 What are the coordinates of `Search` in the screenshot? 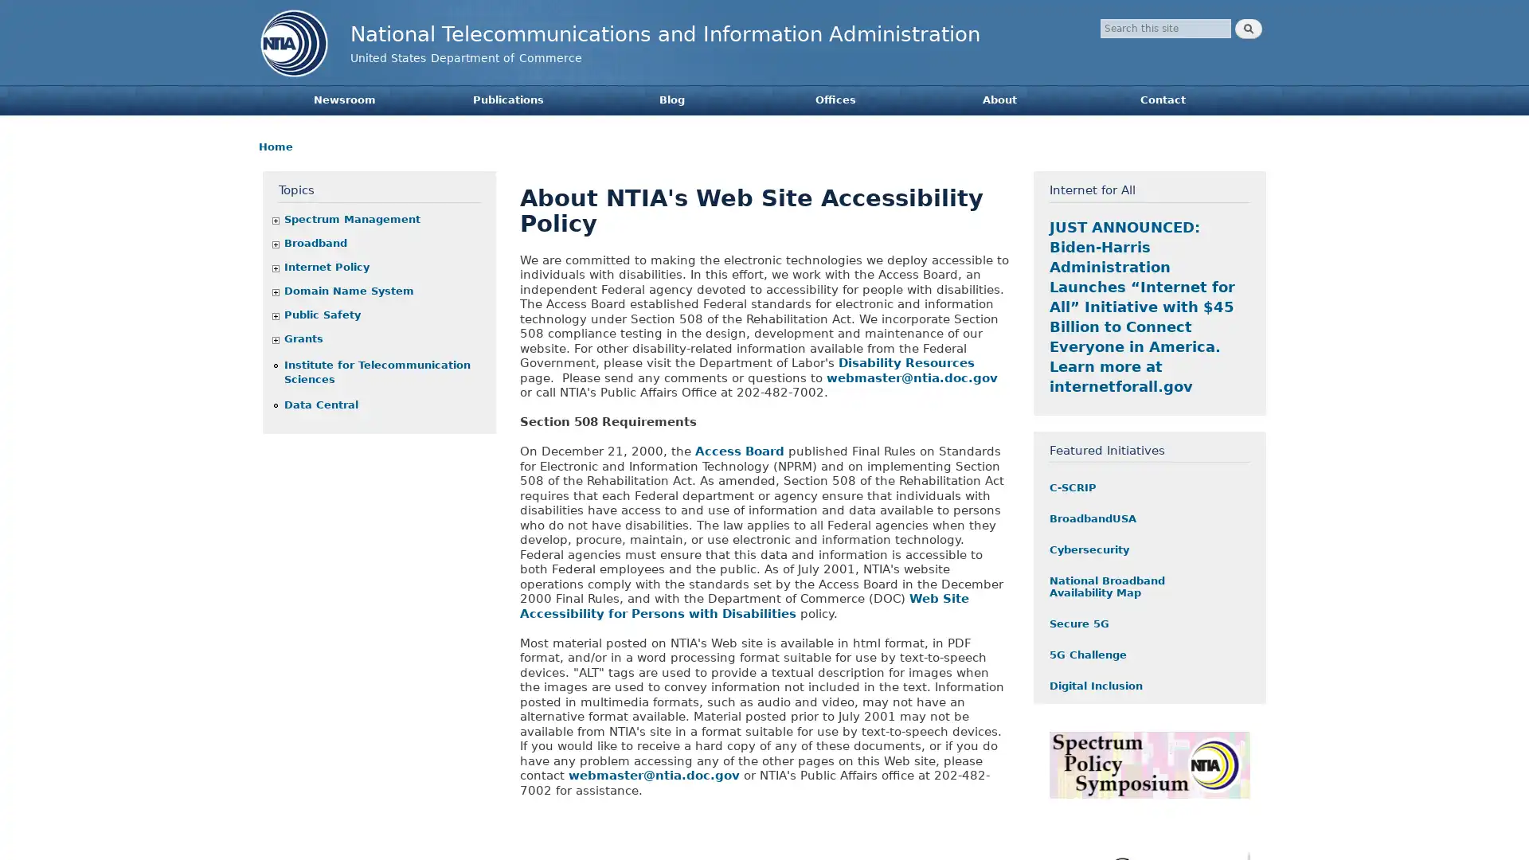 It's located at (1248, 29).